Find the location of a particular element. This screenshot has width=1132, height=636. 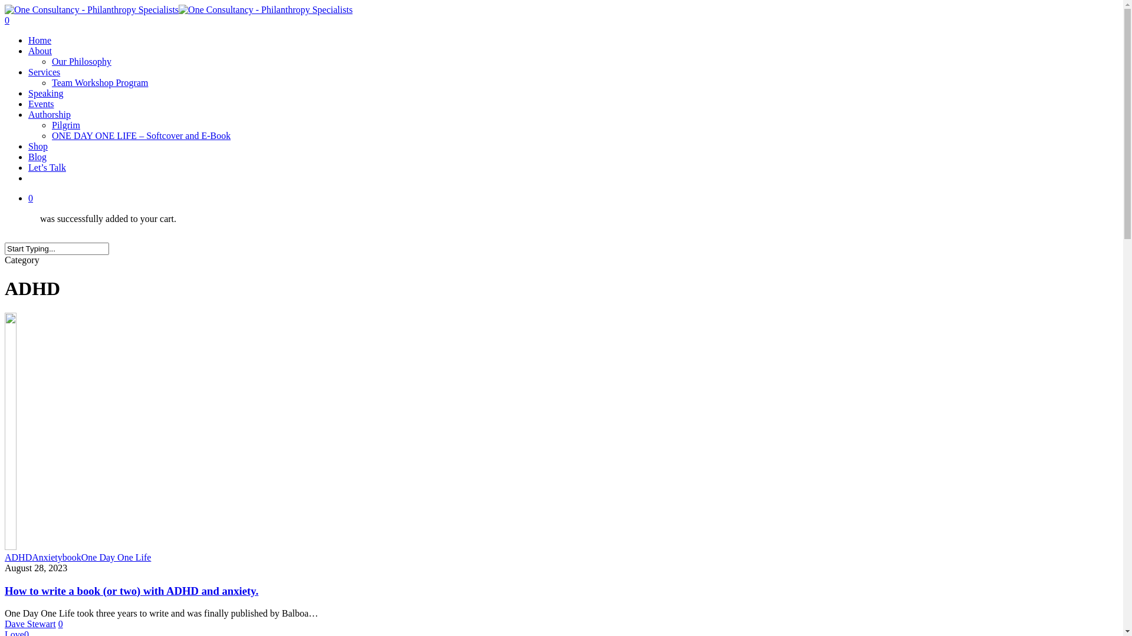

'One Day One Life' is located at coordinates (116, 556).